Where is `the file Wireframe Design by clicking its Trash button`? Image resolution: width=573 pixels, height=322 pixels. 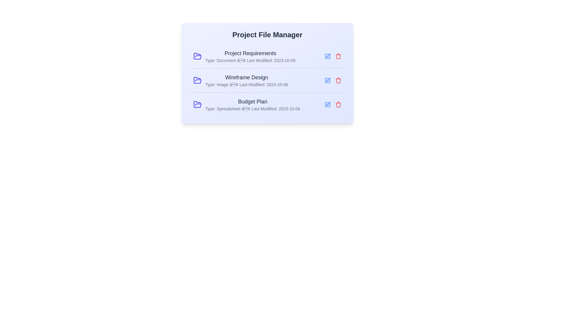 the file Wireframe Design by clicking its Trash button is located at coordinates (338, 80).